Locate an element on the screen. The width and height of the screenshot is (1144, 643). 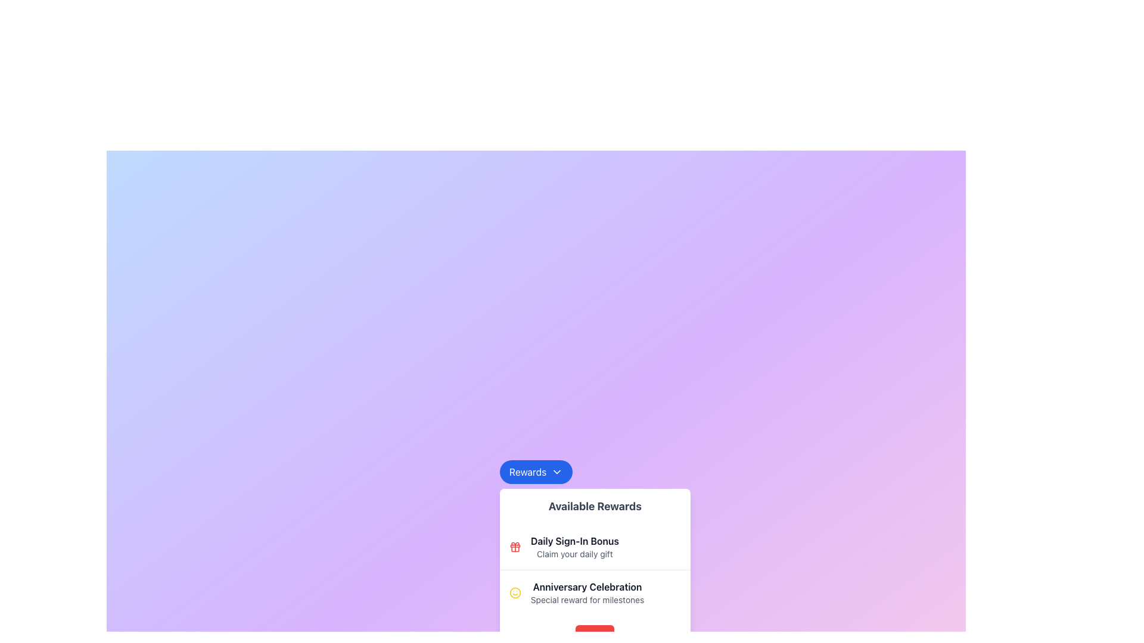
the button that toggles the visibility of additional options or a dropdown menu related to rewards for keyboard navigation is located at coordinates (536, 472).